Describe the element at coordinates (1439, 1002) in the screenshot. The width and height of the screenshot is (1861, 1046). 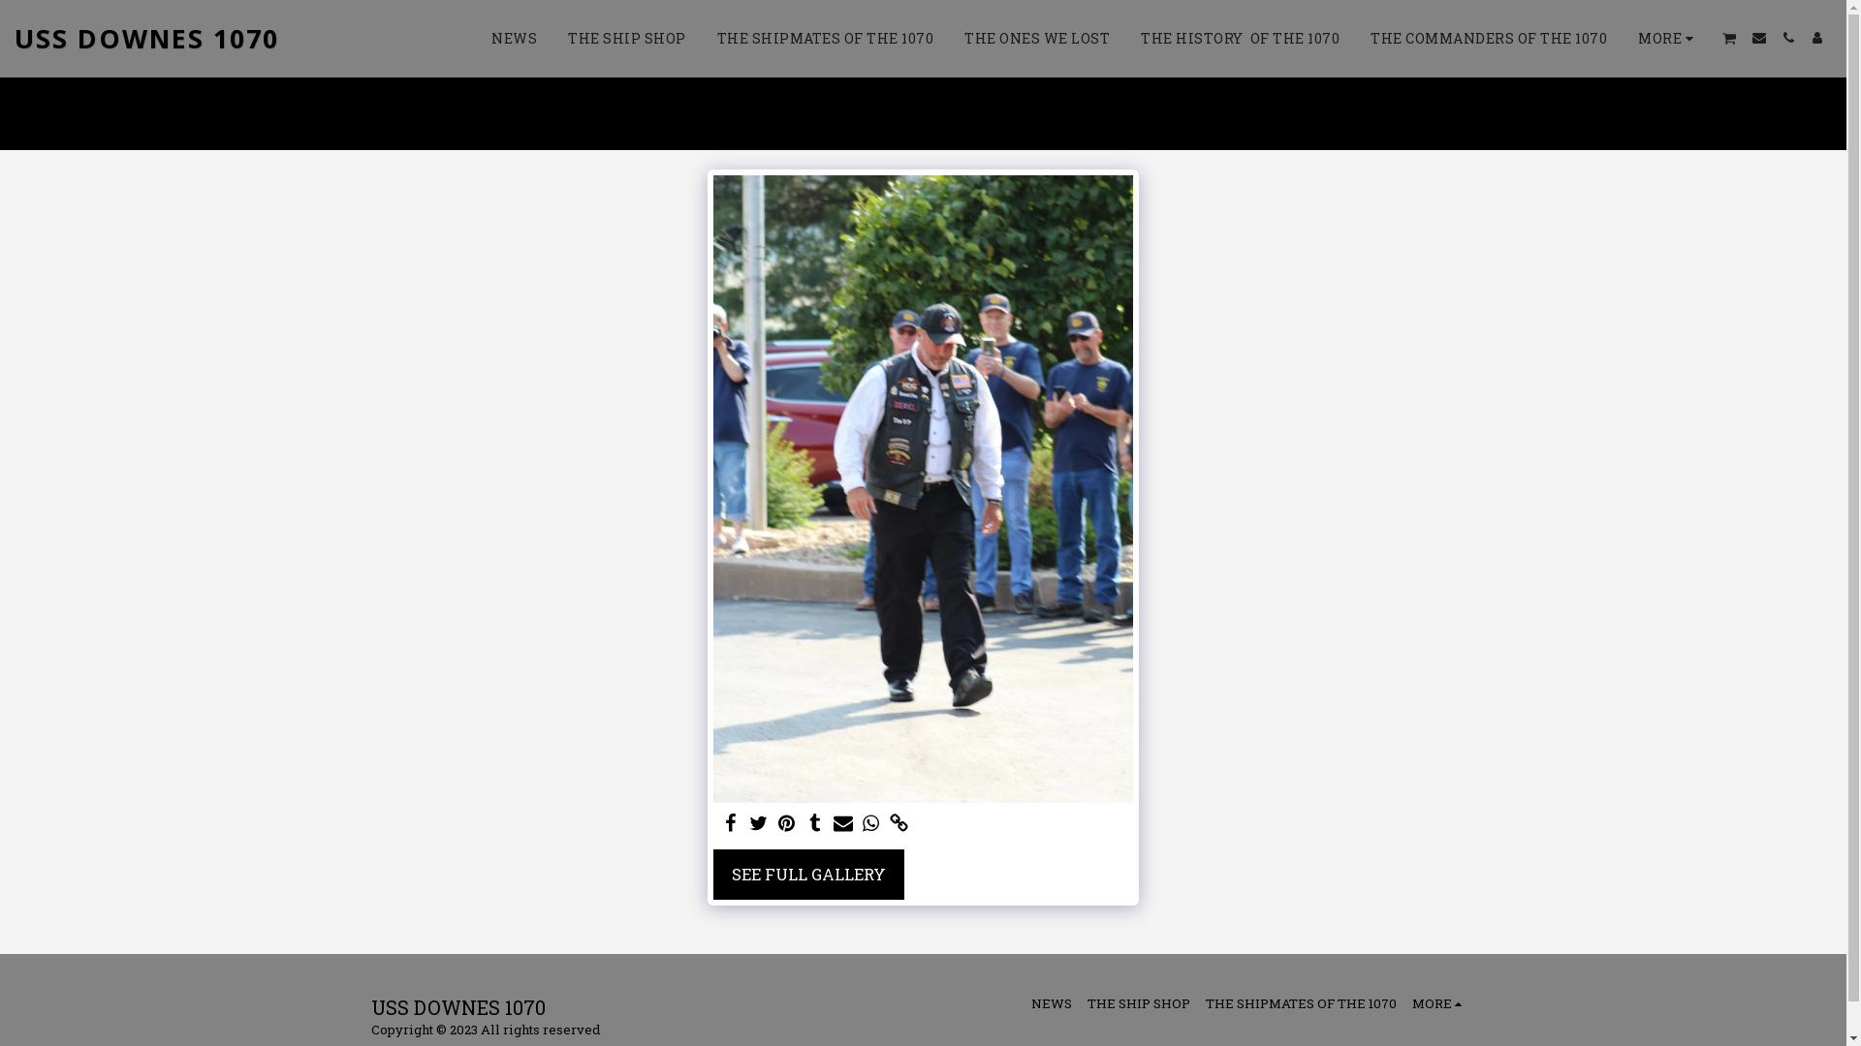
I see `'MORE  '` at that location.